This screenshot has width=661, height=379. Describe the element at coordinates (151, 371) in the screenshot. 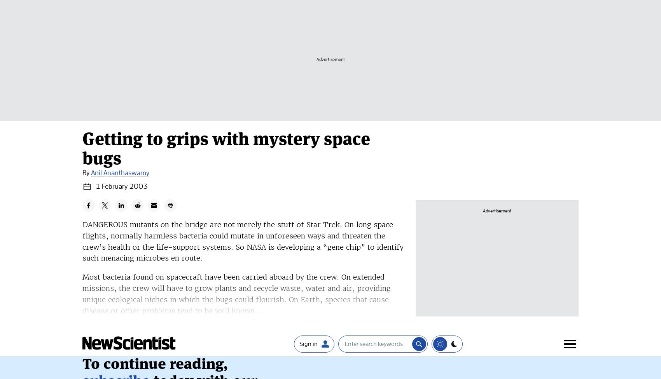

I see `'Popular articles'` at that location.